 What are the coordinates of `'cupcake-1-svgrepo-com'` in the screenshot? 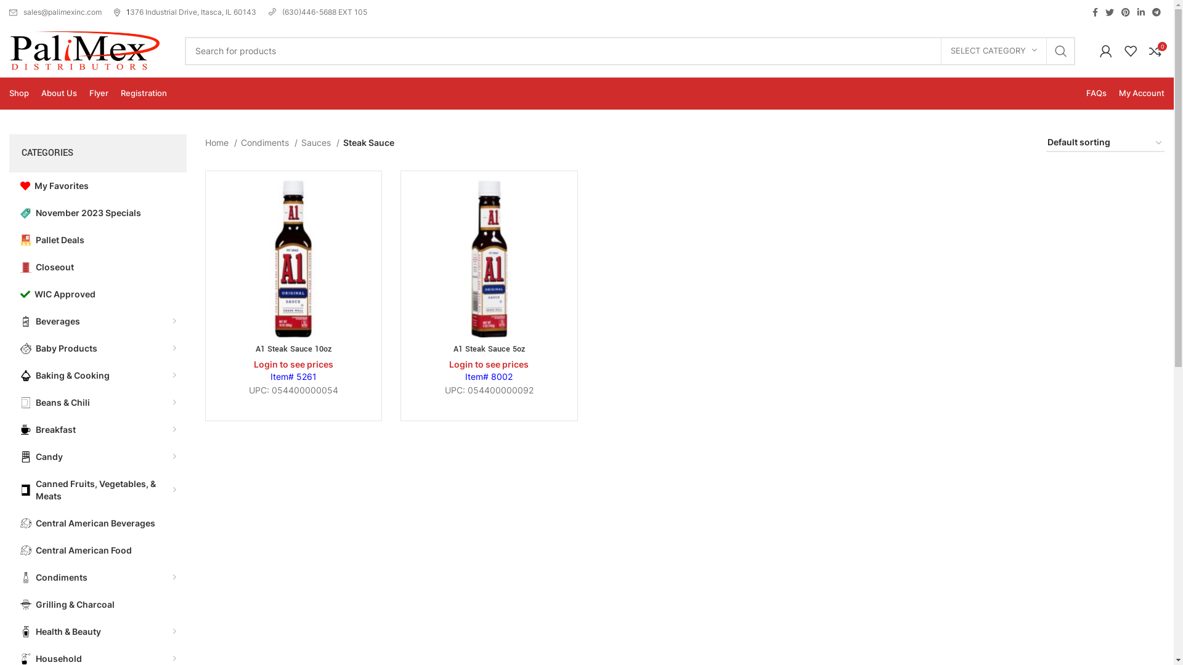 It's located at (26, 374).